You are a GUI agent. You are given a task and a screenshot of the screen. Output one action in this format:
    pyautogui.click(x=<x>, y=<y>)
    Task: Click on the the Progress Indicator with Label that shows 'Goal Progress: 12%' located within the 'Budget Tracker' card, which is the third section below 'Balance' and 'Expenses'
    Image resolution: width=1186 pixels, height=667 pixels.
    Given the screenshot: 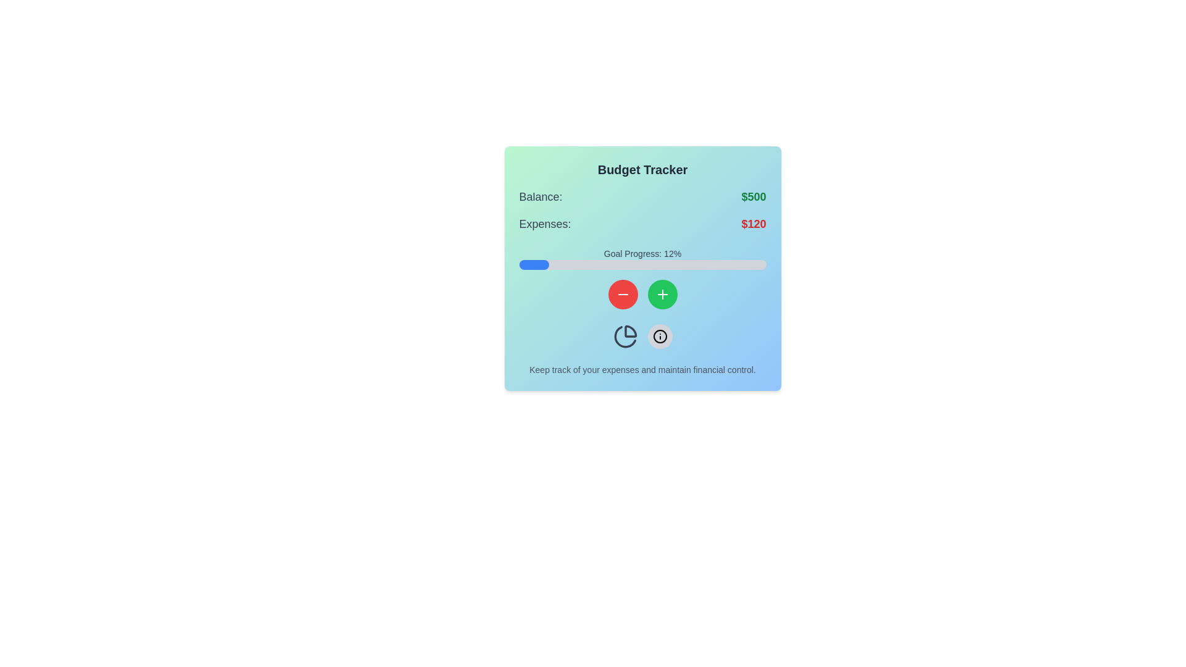 What is the action you would take?
    pyautogui.click(x=642, y=258)
    